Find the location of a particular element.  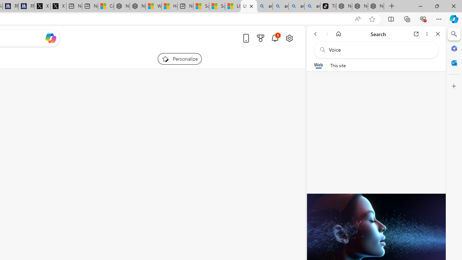

'Open settings' is located at coordinates (289, 38).